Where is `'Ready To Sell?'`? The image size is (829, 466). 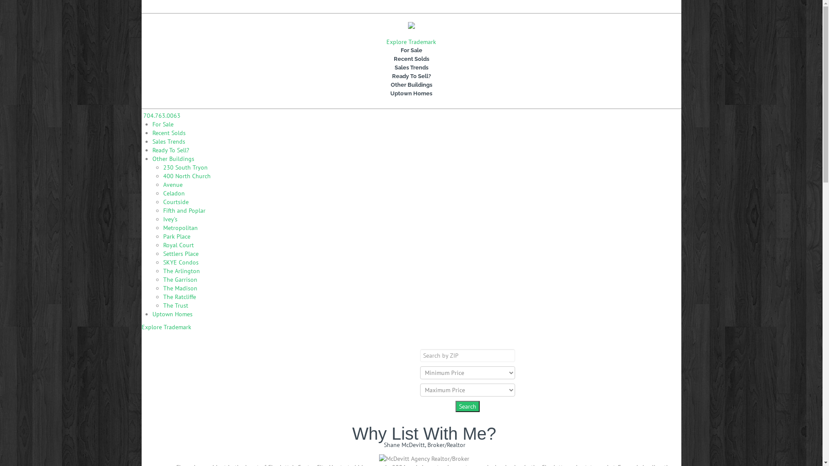 'Ready To Sell?' is located at coordinates (411, 76).